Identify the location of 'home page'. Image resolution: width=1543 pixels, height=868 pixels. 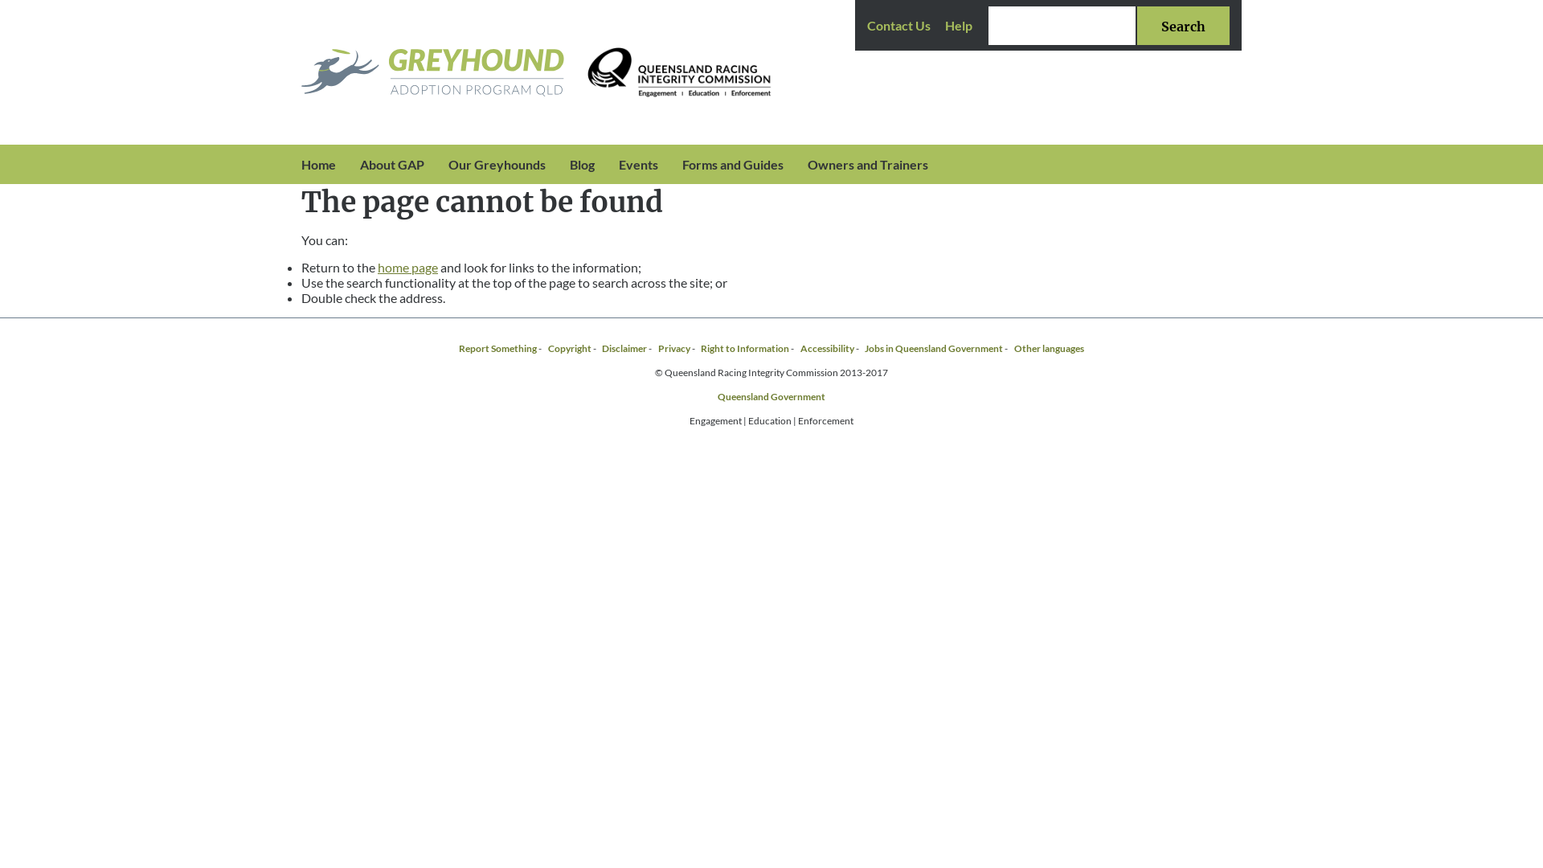
(407, 266).